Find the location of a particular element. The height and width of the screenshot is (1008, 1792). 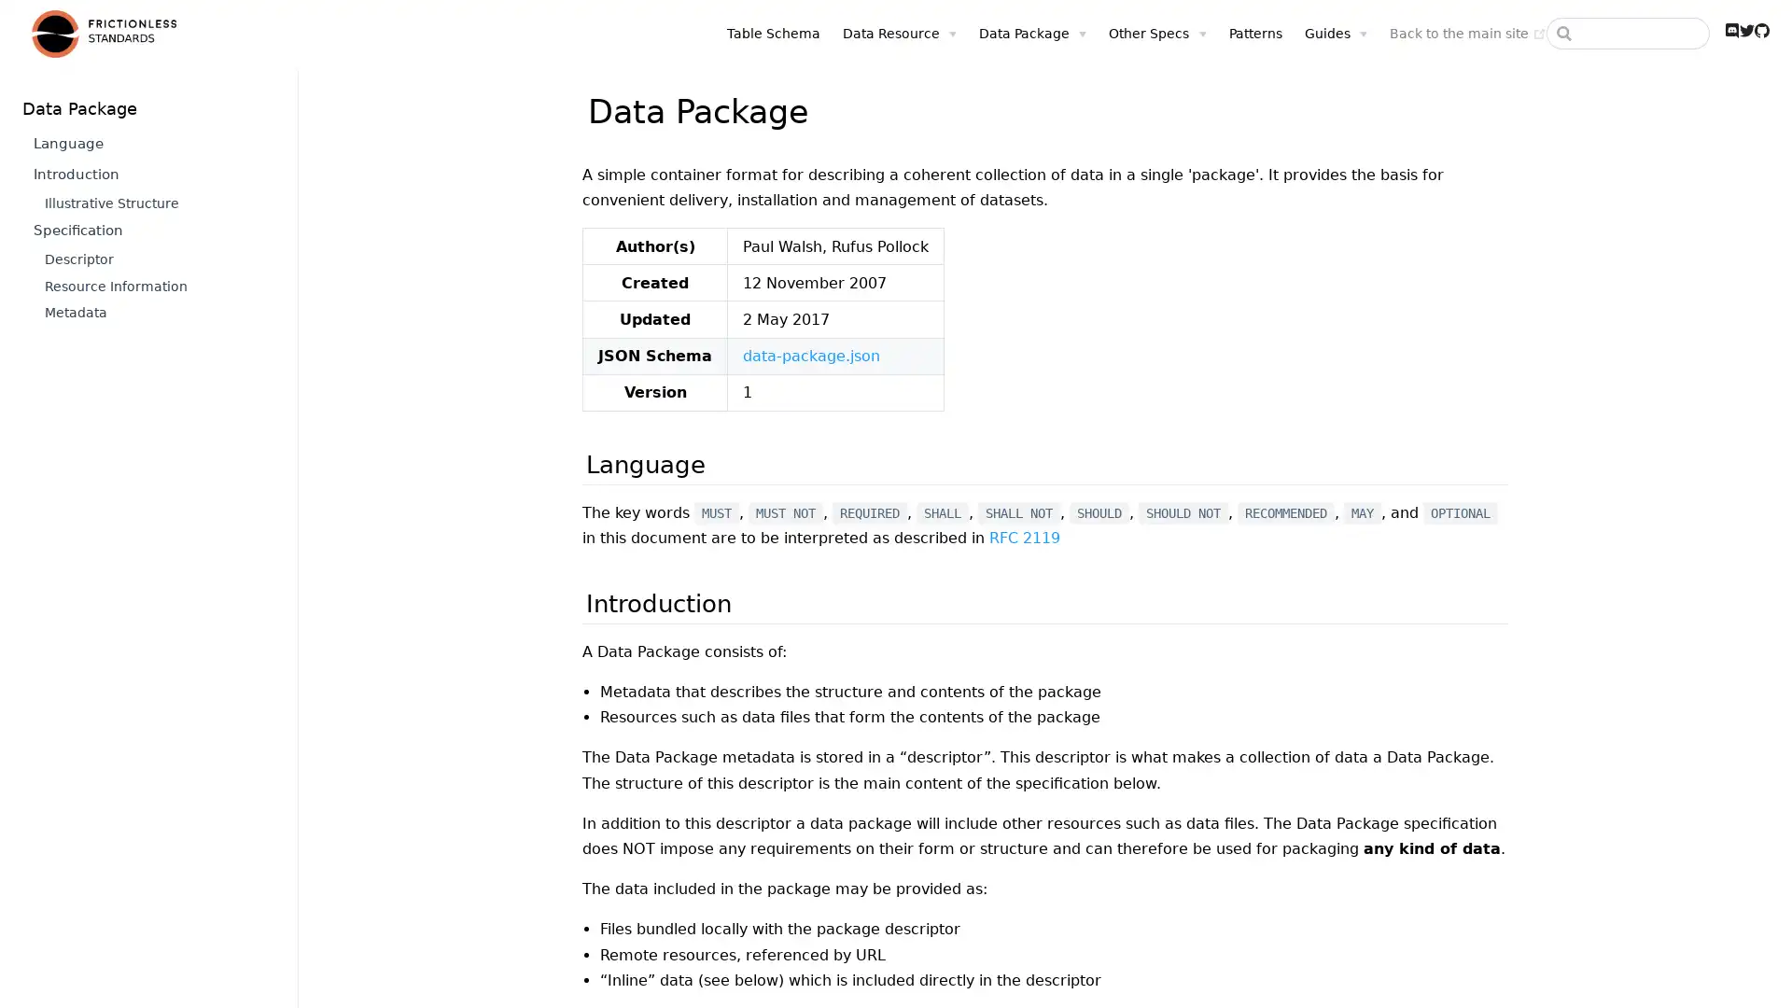

Data Package is located at coordinates (1006, 33).